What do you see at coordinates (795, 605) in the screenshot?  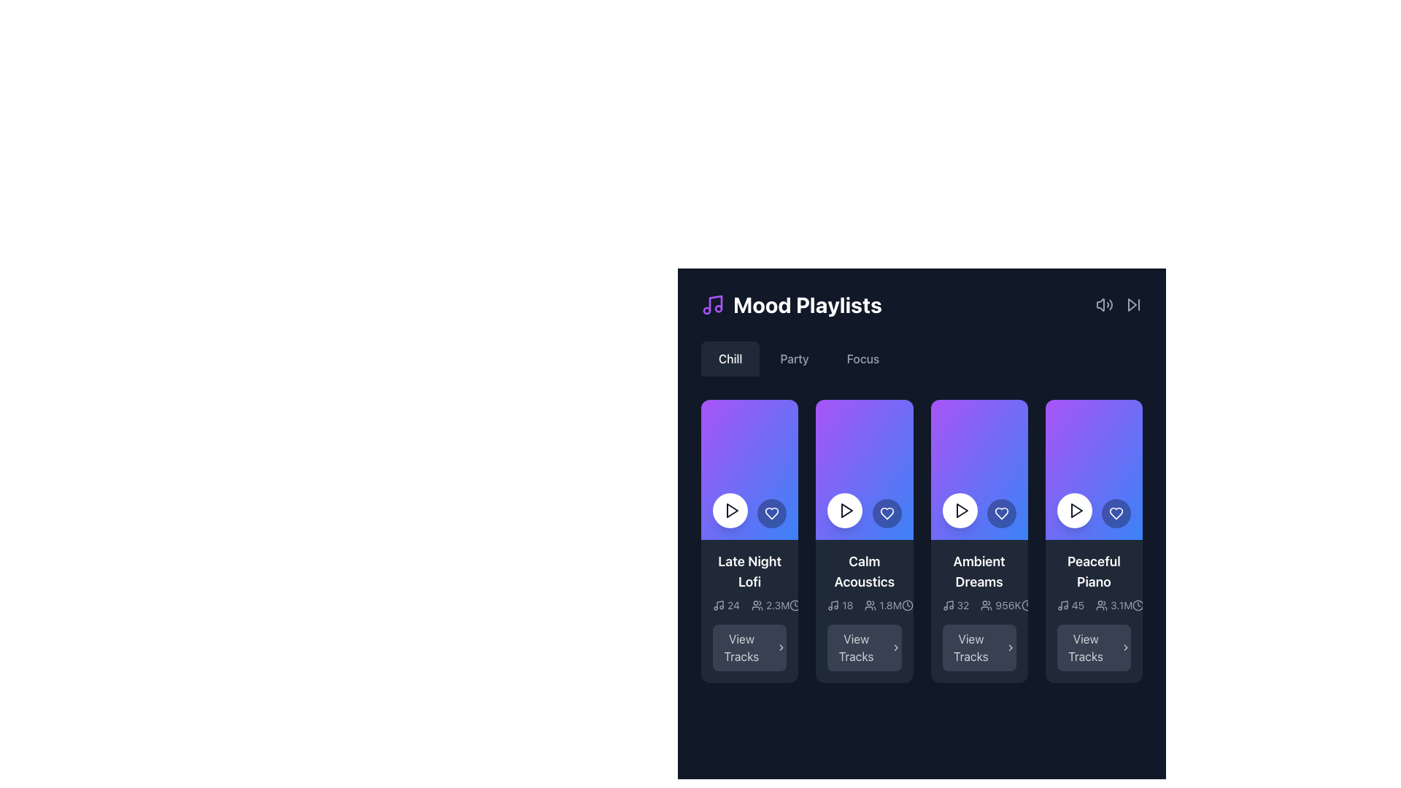 I see `the small circular clock icon located to the right of the text '2.3M' on the 'Late Night Lofi' card in the 'Chill' playlist section` at bounding box center [795, 605].